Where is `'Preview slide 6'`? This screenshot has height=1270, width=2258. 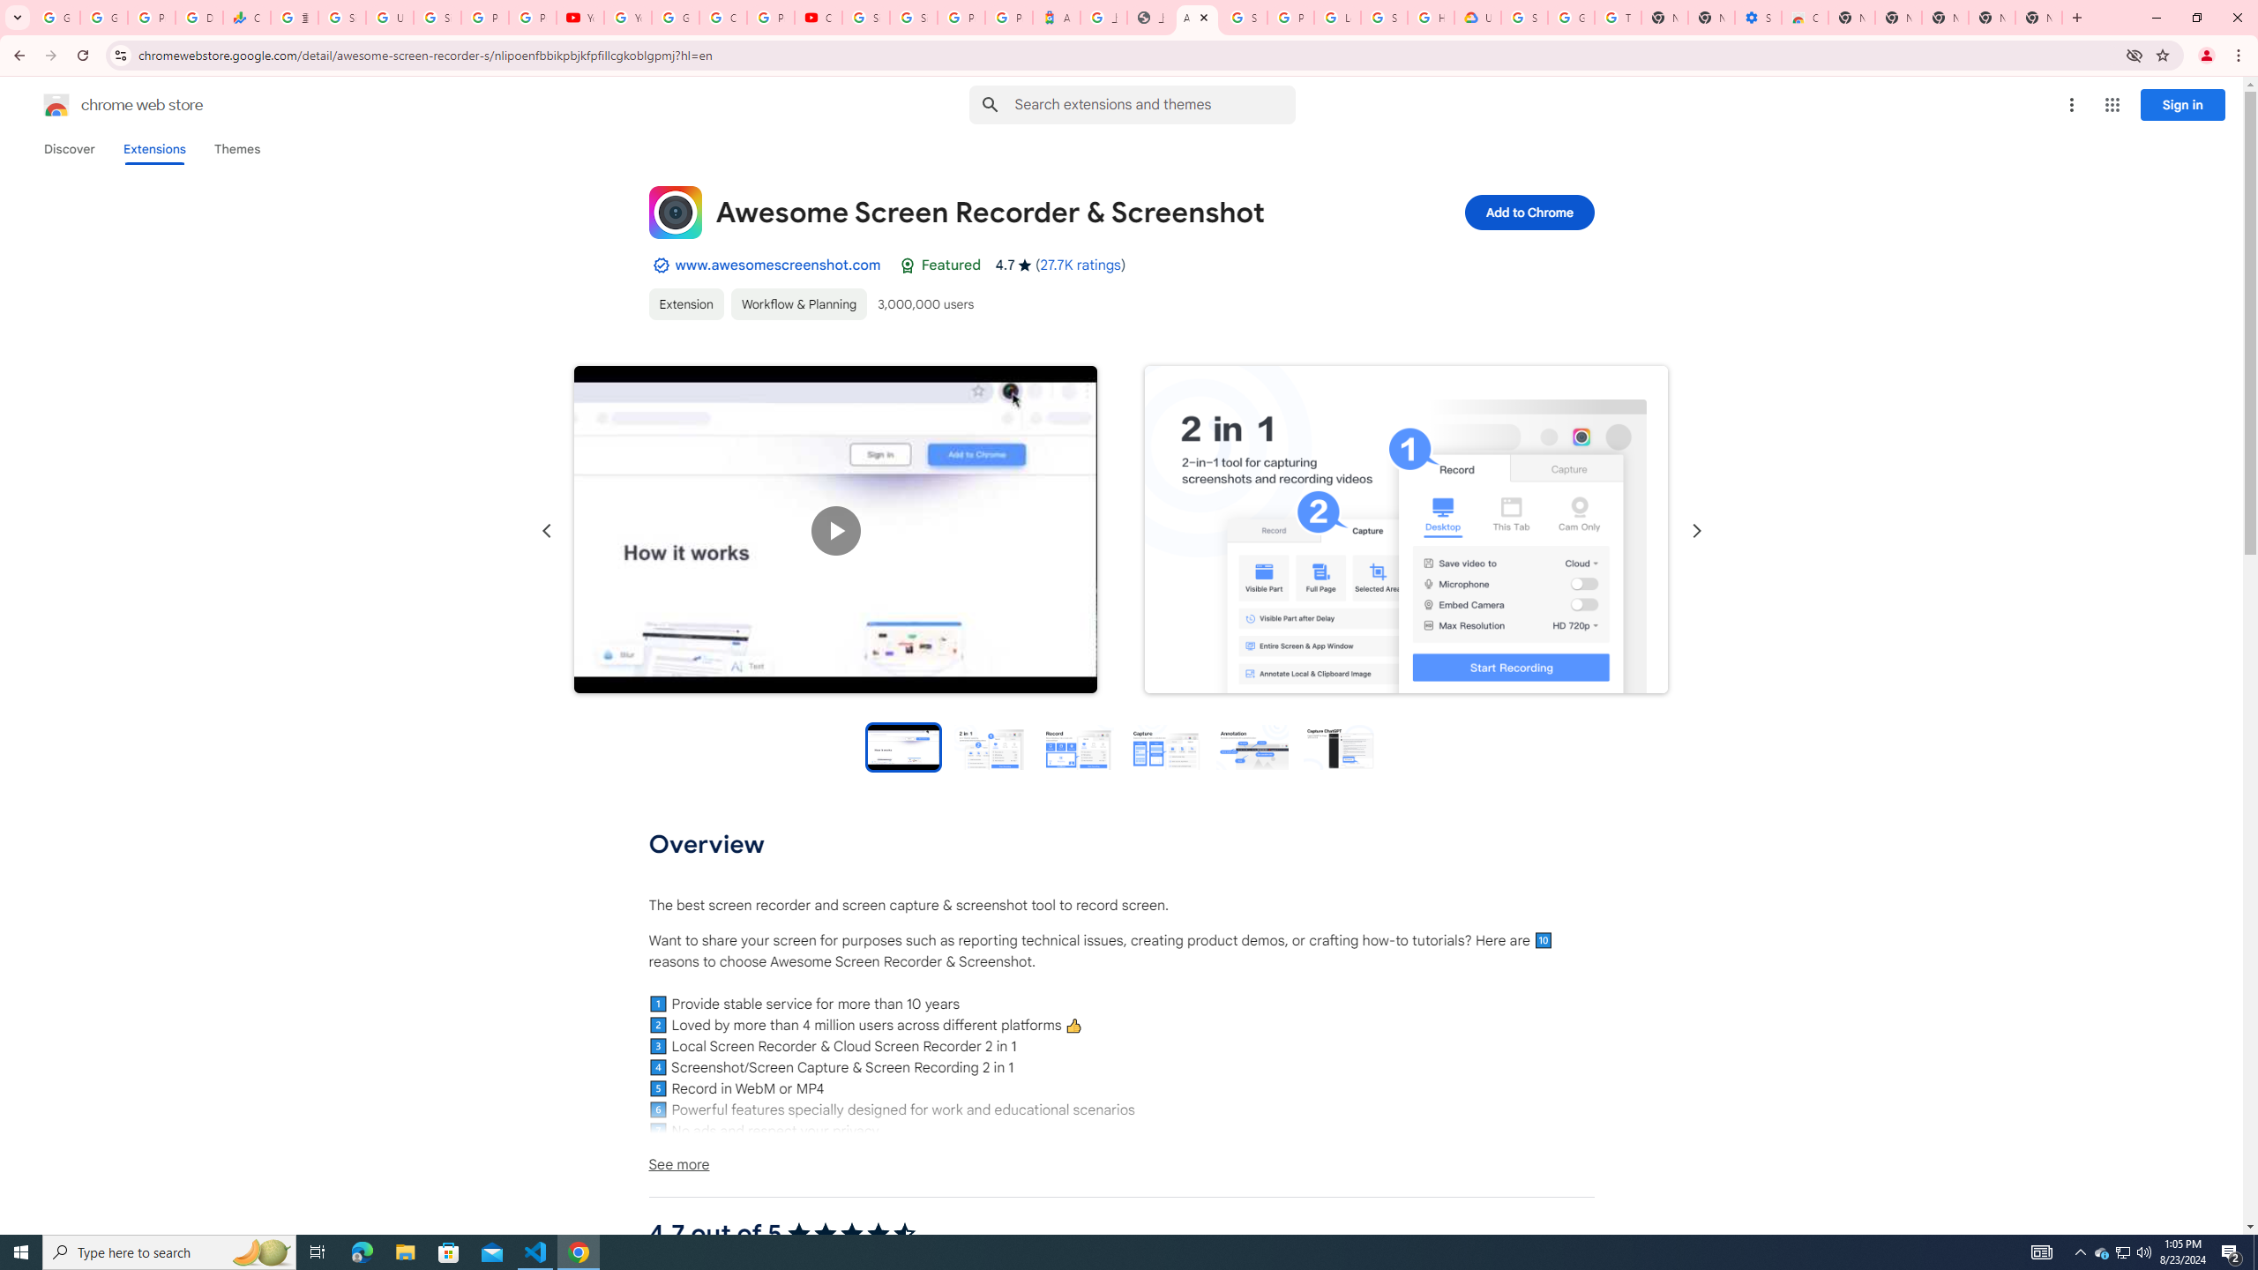
'Preview slide 6' is located at coordinates (1338, 746).